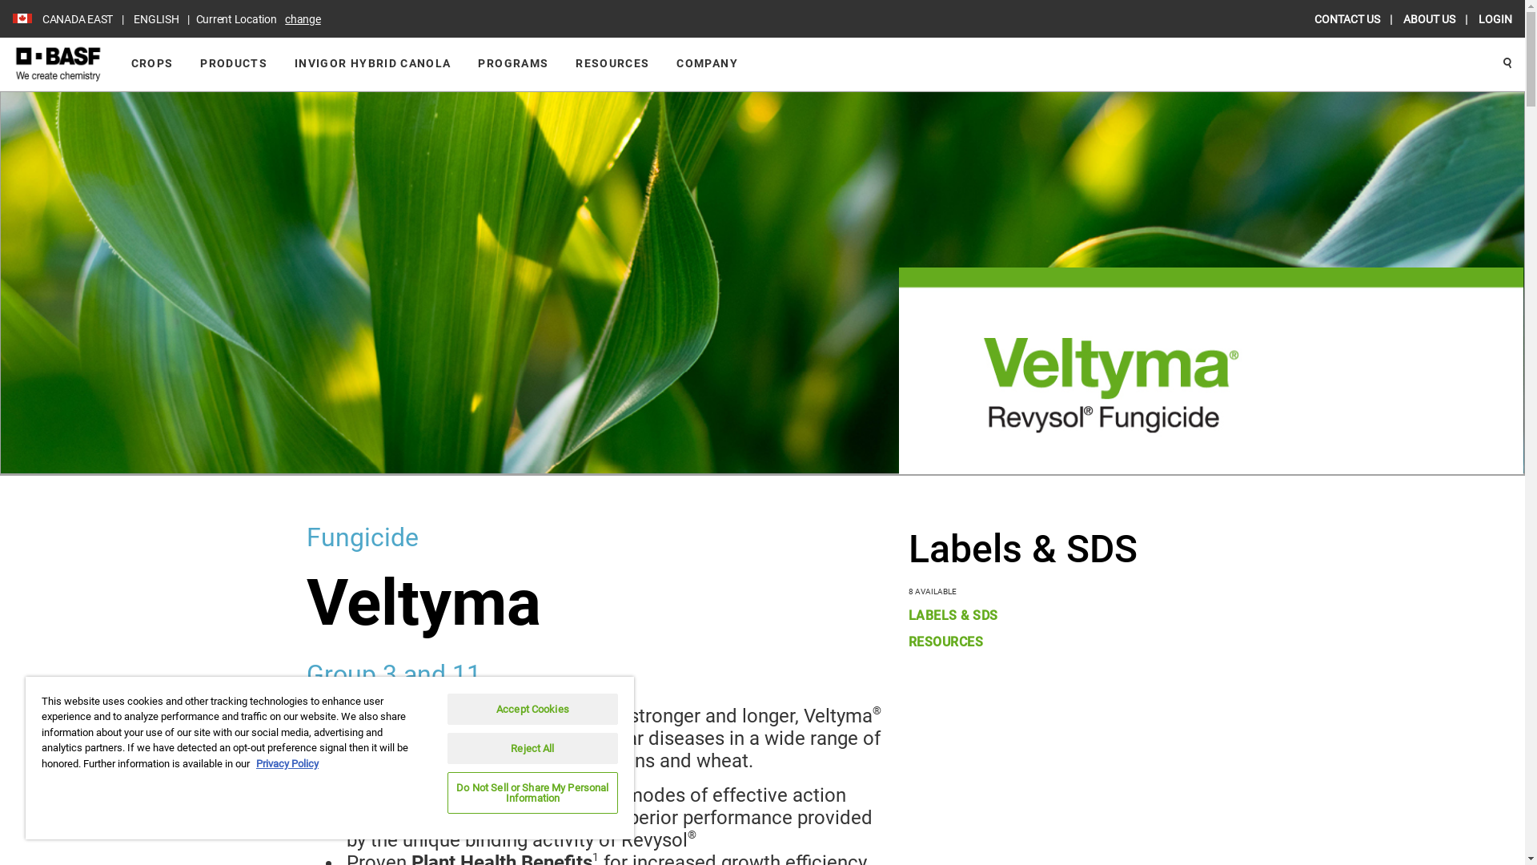 The height and width of the screenshot is (865, 1537). I want to click on 'COMPANY', so click(706, 62).